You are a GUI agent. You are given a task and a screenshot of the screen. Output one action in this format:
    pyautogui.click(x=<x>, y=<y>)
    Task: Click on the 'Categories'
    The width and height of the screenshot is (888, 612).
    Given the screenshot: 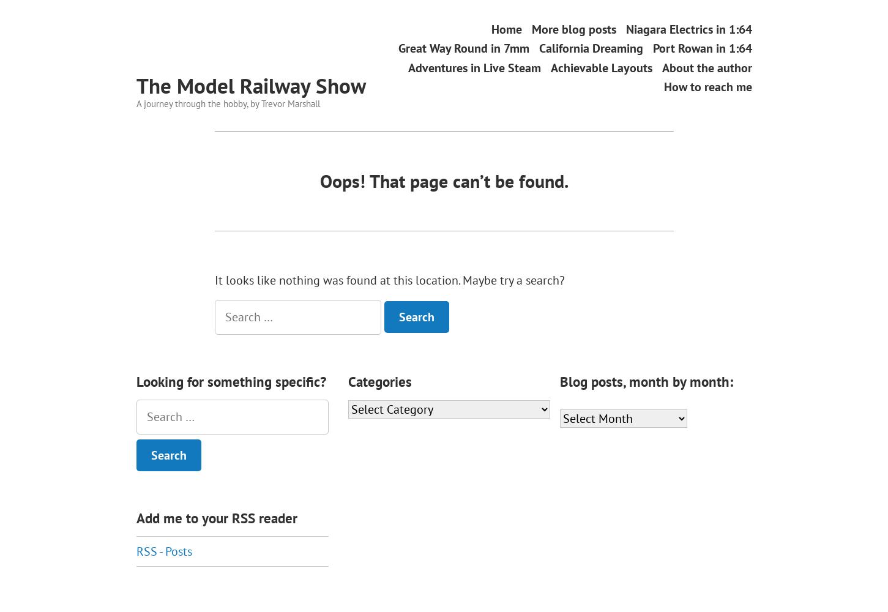 What is the action you would take?
    pyautogui.click(x=379, y=381)
    